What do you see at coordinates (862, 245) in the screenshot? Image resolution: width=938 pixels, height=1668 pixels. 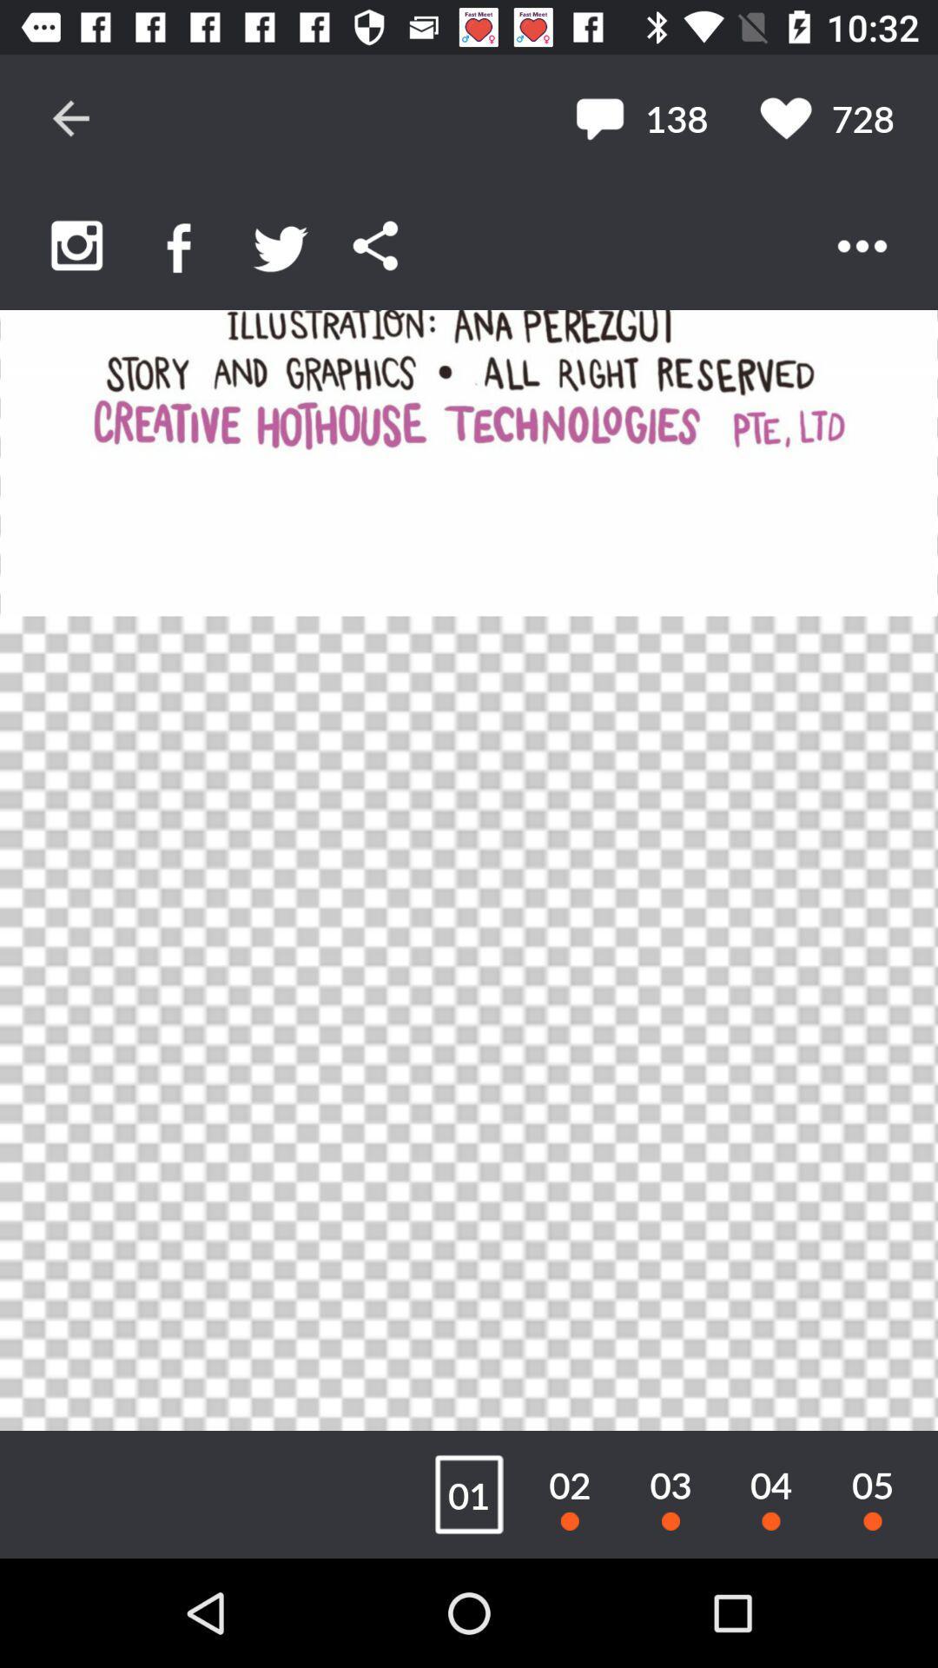 I see `the item below the 728  item` at bounding box center [862, 245].